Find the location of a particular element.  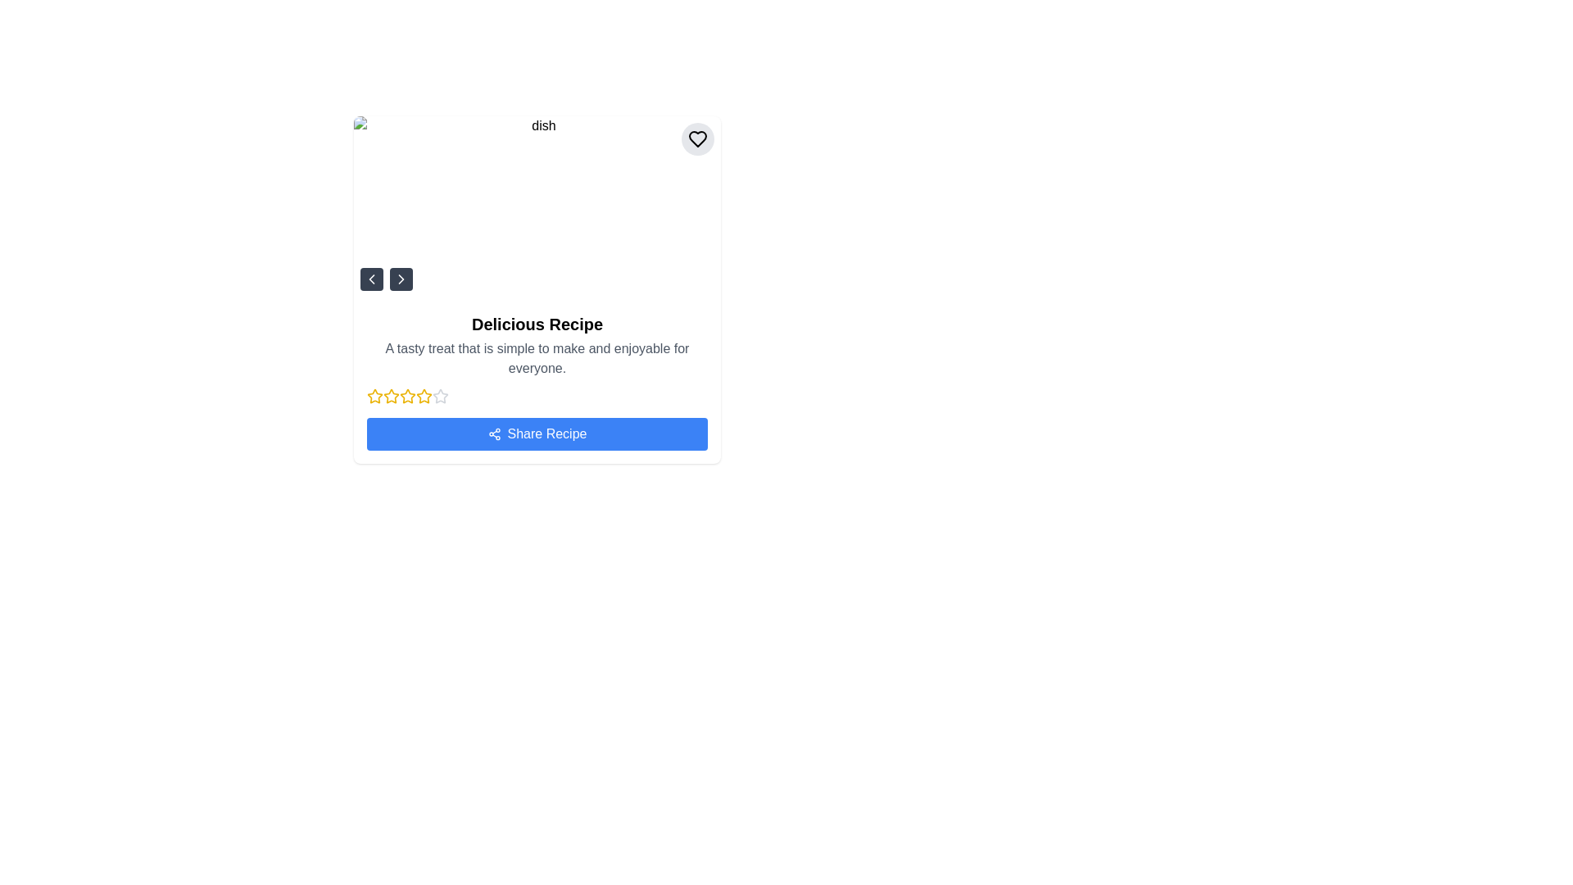

the third star in the 5-star rating system is located at coordinates (407, 395).